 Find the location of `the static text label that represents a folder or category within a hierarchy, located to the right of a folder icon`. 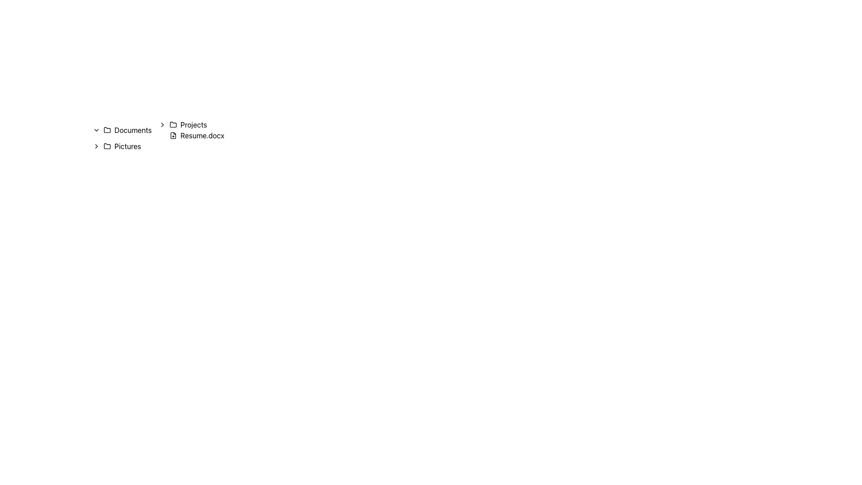

the static text label that represents a folder or category within a hierarchy, located to the right of a folder icon is located at coordinates (193, 124).